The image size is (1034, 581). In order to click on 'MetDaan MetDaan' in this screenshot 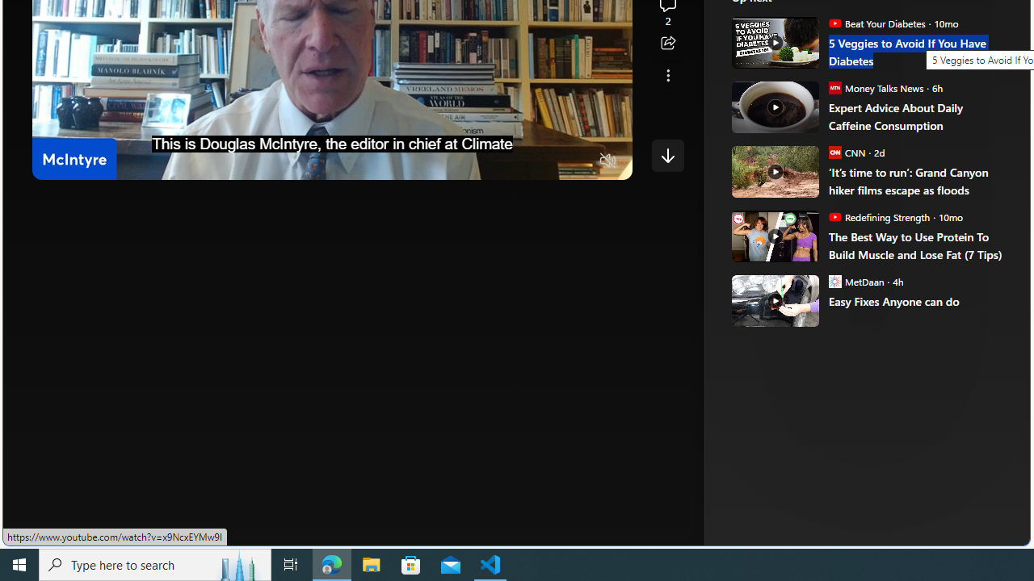, I will do `click(855, 280)`.